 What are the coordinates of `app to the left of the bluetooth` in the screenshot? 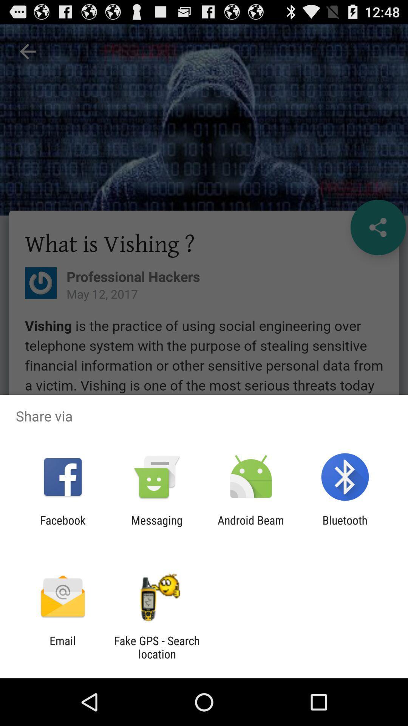 It's located at (251, 526).